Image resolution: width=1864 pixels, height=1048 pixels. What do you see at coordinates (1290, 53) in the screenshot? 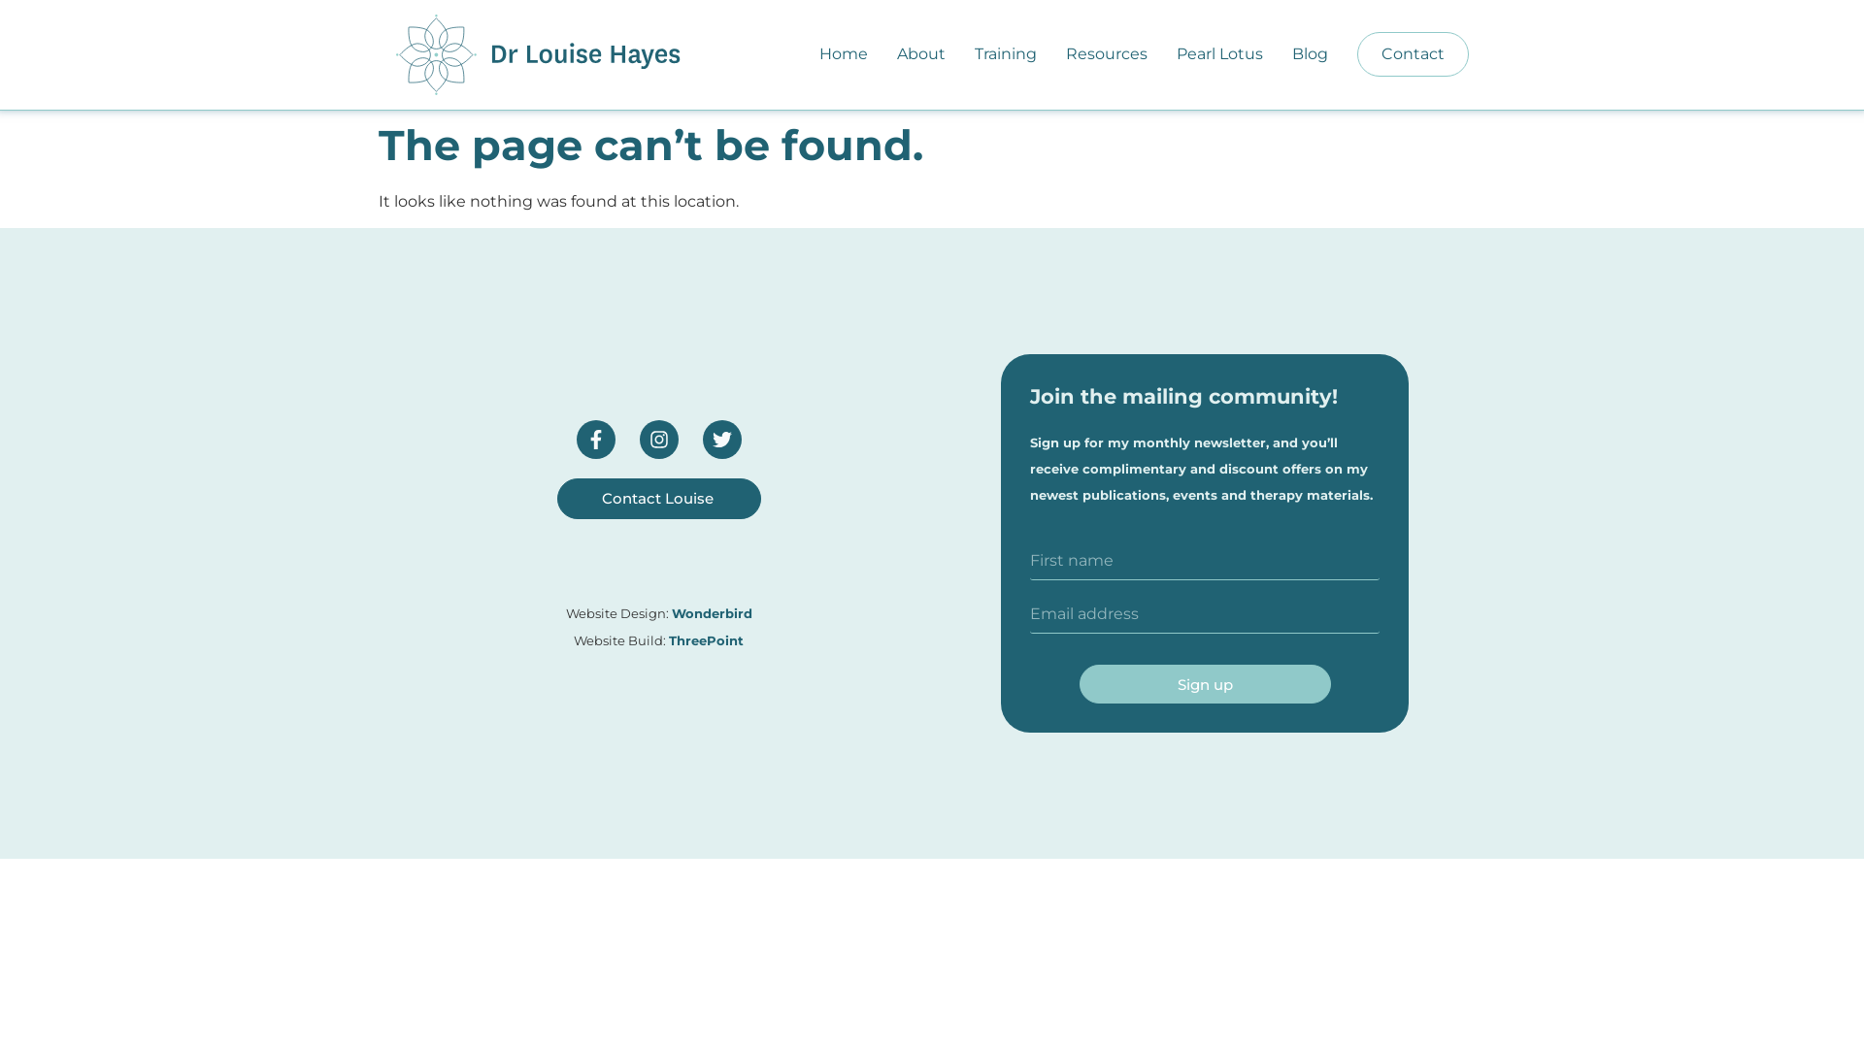
I see `'Blog'` at bounding box center [1290, 53].